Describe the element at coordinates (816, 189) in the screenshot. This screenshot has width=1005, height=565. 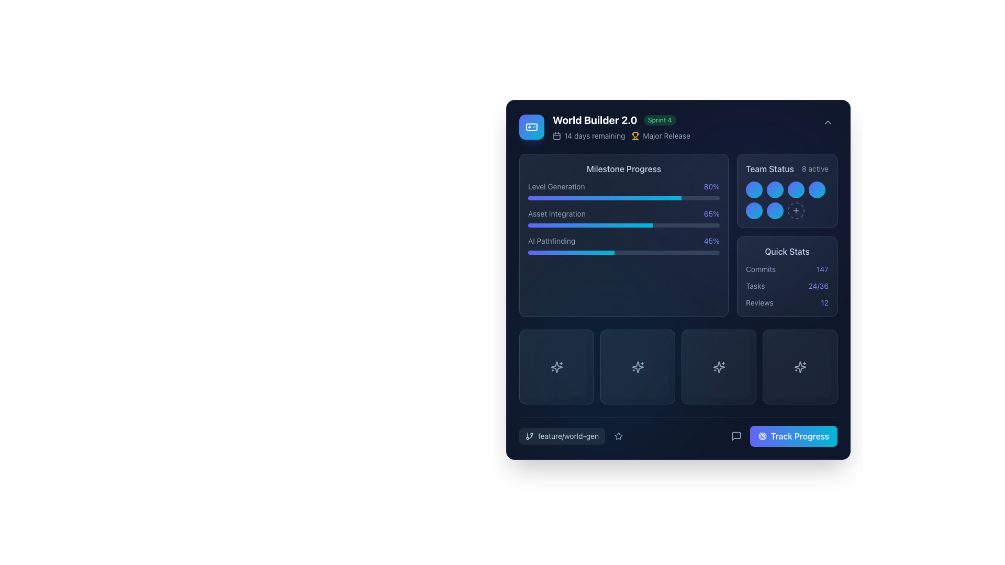
I see `the circular graphic icon with a gradient background transitioning from indigo to cyan, located as the fourth icon from the left in the 'Team Status' section` at that location.